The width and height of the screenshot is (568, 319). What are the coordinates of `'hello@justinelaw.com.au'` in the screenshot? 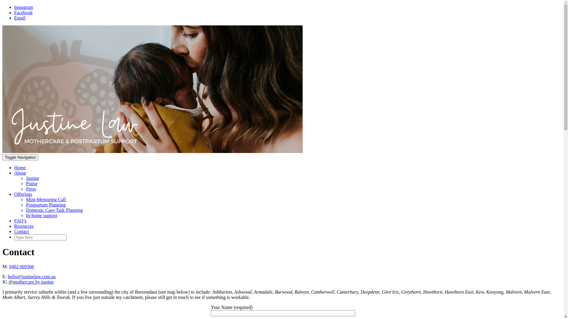 It's located at (31, 276).